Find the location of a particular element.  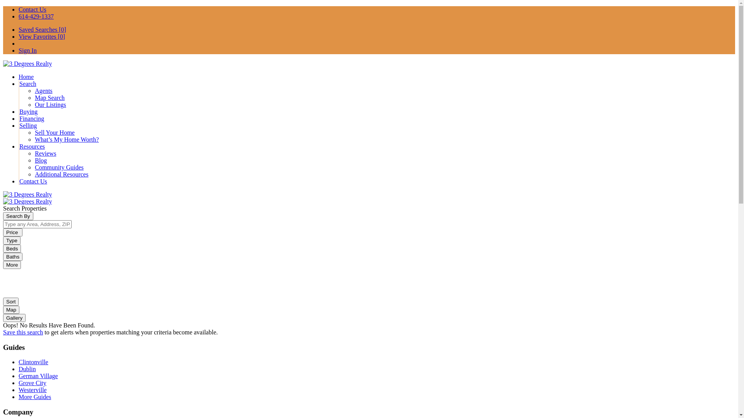

'View Favorites [0]' is located at coordinates (41, 36).